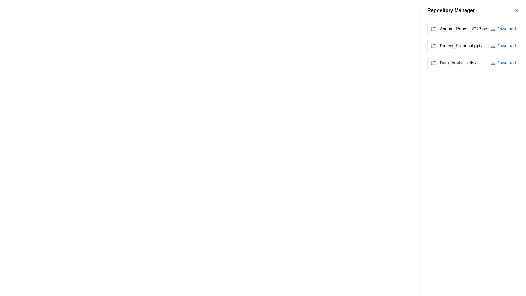 The width and height of the screenshot is (526, 296). I want to click on the text label 'Project_Proposal.pptx' in the vertical list within the 'Repository Manager' panel, so click(461, 46).